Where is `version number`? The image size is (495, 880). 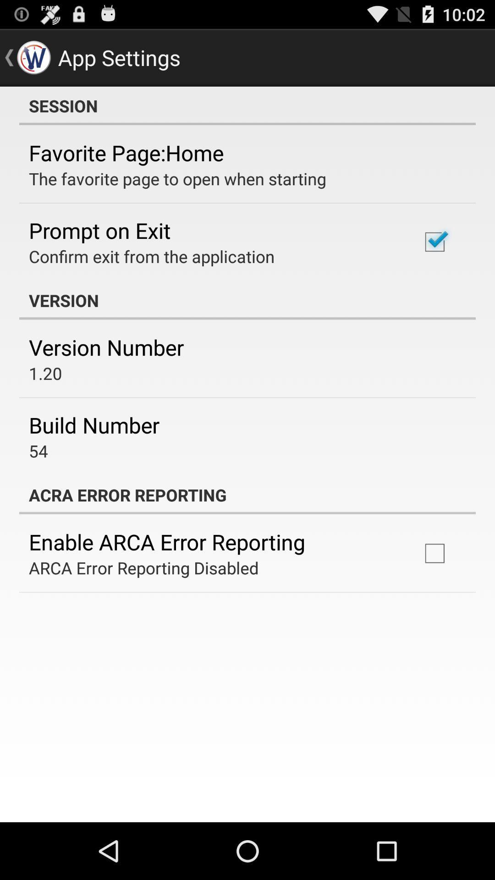 version number is located at coordinates (106, 346).